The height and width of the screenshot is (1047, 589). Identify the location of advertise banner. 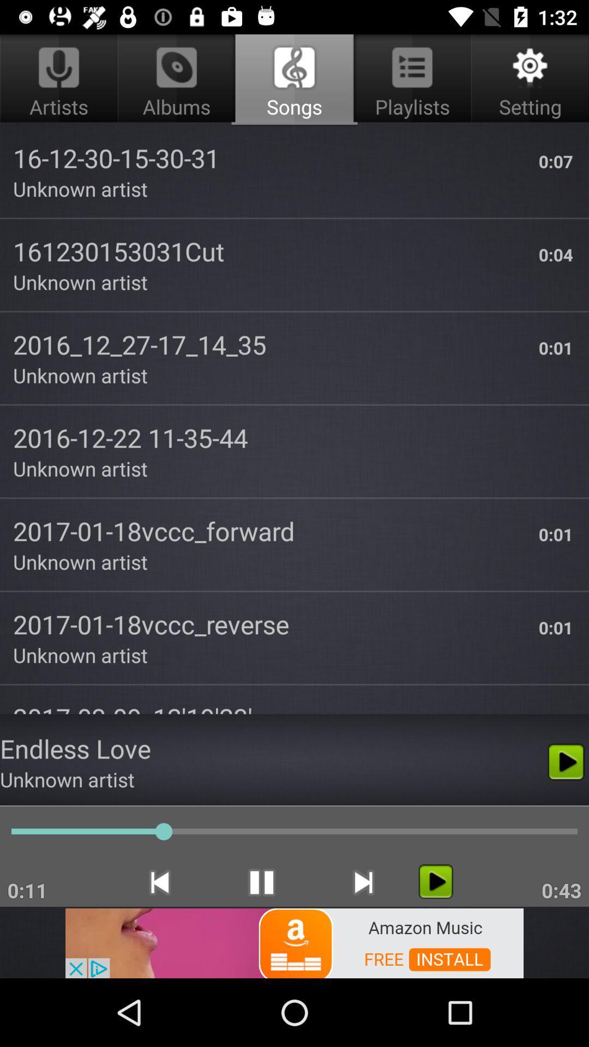
(294, 942).